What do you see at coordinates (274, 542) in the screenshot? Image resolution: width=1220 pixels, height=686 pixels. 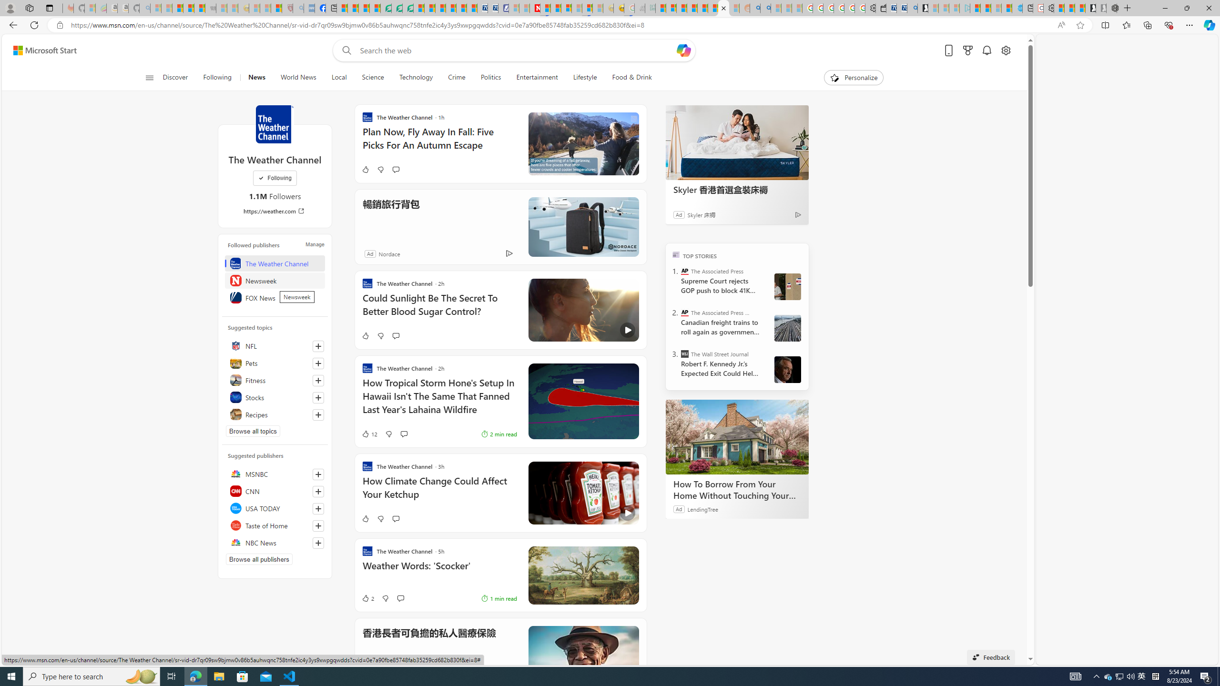 I see `'NBC News'` at bounding box center [274, 542].